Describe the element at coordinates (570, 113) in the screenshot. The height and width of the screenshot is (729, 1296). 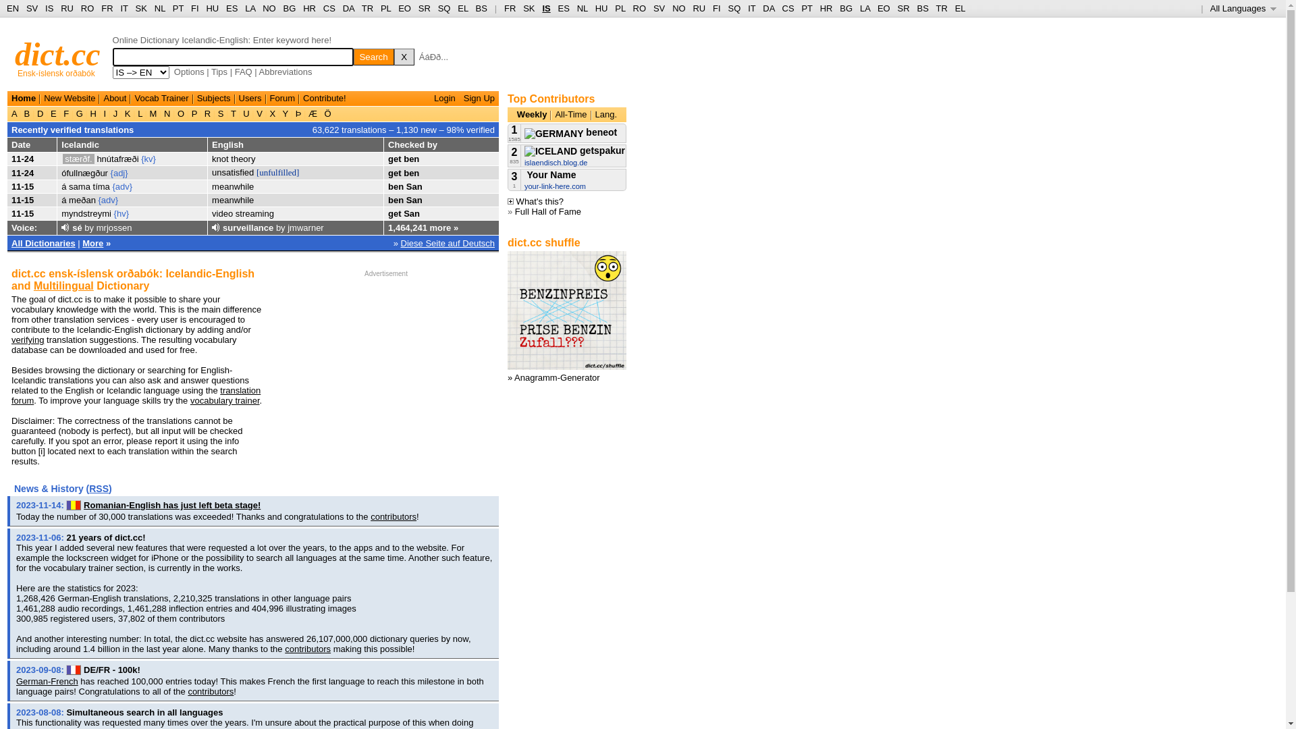
I see `'All-Time'` at that location.